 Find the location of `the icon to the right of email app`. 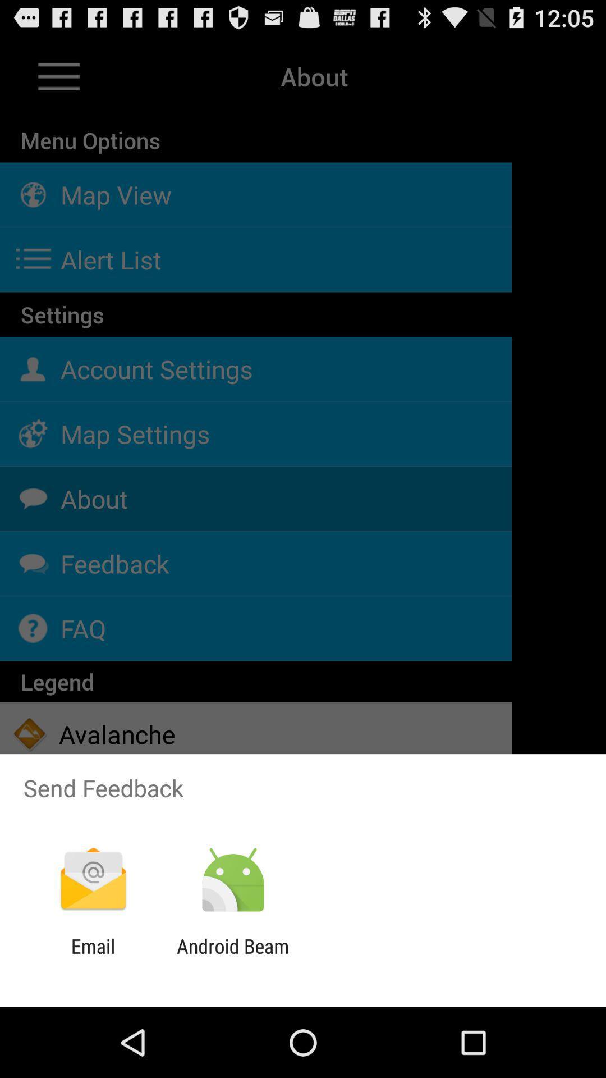

the icon to the right of email app is located at coordinates (232, 957).